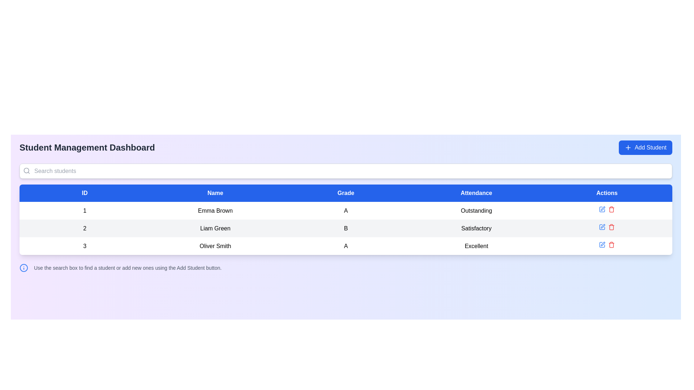 This screenshot has height=390, width=694. I want to click on the Table Header Cell for the 'Attendance' column, which is the fourth column header from the left, located between 'Grade' and 'Actions', so click(476, 193).